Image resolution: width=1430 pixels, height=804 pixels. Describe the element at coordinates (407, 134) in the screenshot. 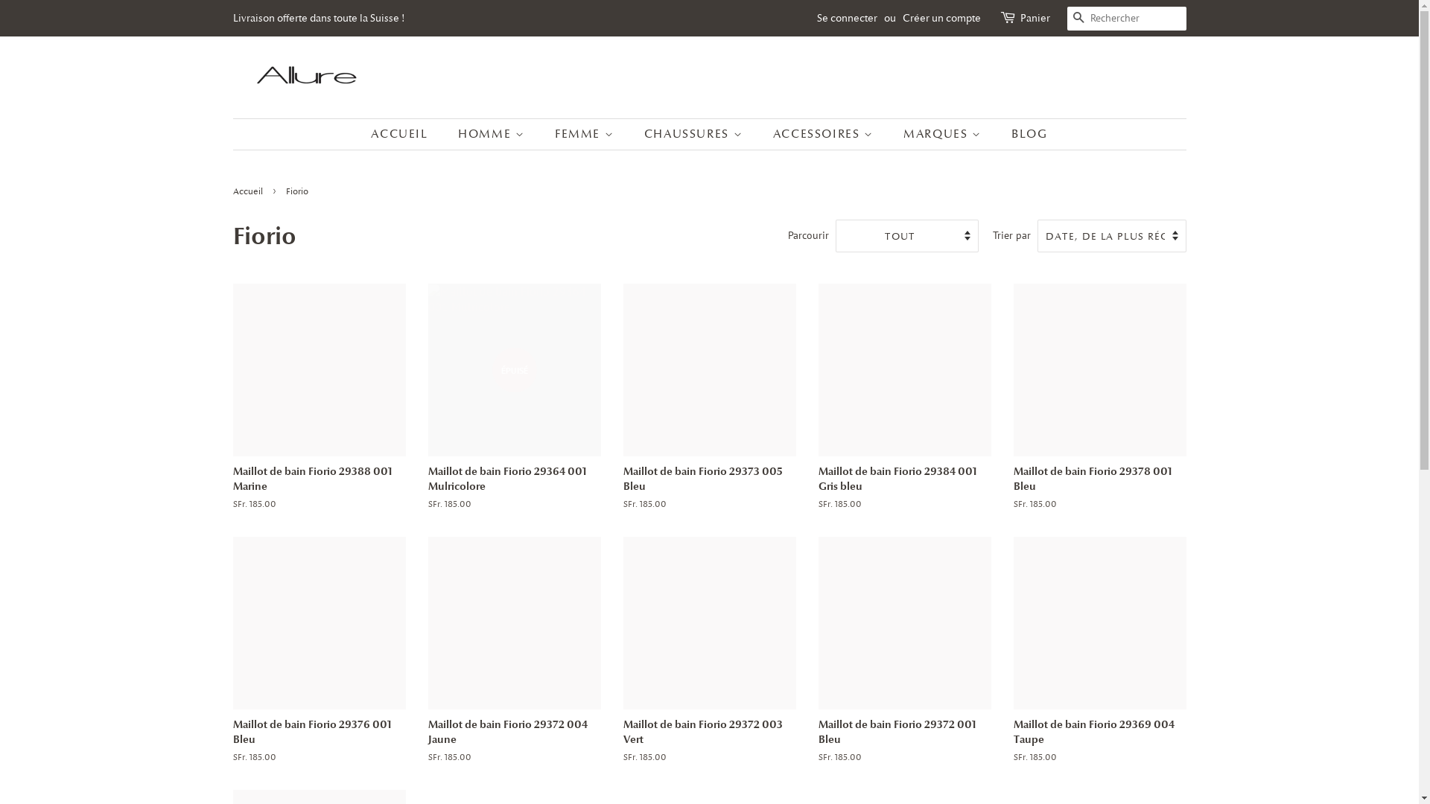

I see `'ACCUEIL'` at that location.